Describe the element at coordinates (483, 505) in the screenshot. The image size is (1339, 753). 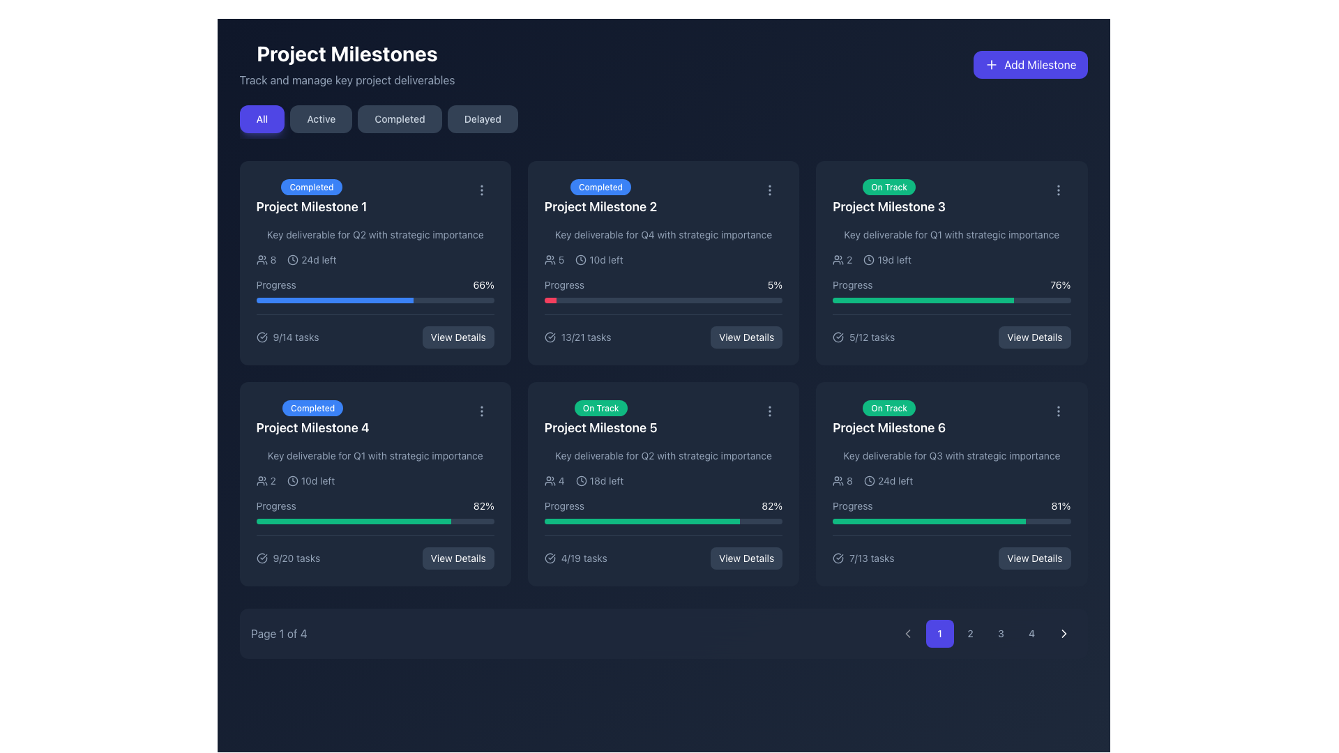
I see `text label that displays the progress completion percentage for 'Project Milestone 5', which indicates 82% completion and is located at the bottom-right of the subsection, aligned with the green progress bar` at that location.